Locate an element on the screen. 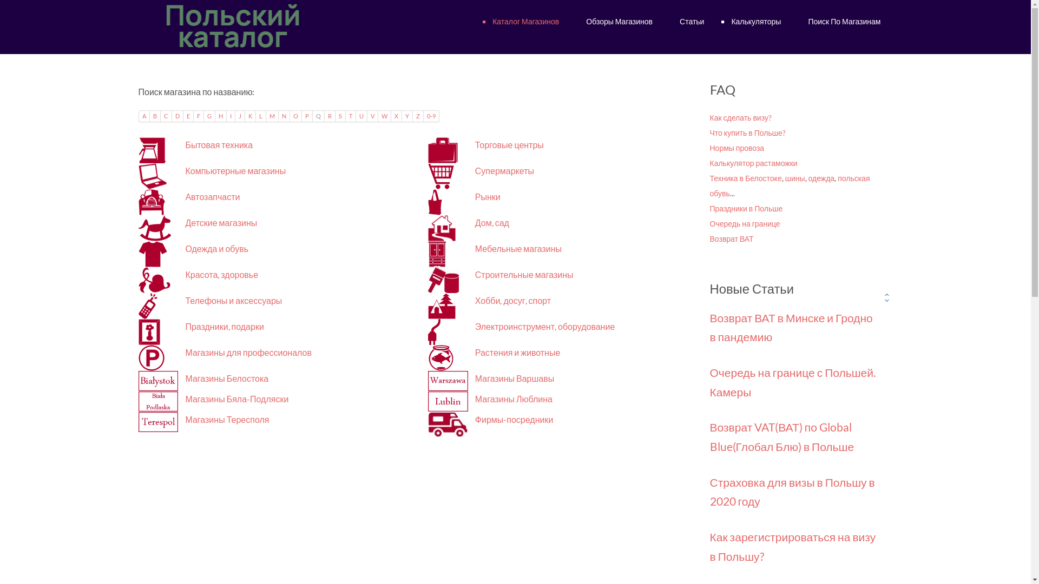 The image size is (1039, 584). 'V' is located at coordinates (372, 116).